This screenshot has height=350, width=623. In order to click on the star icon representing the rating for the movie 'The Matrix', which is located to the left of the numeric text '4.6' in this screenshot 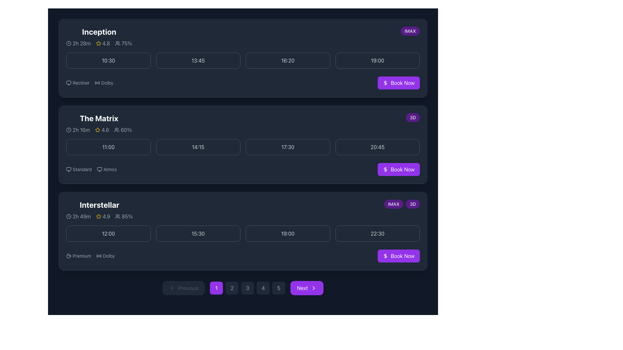, I will do `click(97, 130)`.